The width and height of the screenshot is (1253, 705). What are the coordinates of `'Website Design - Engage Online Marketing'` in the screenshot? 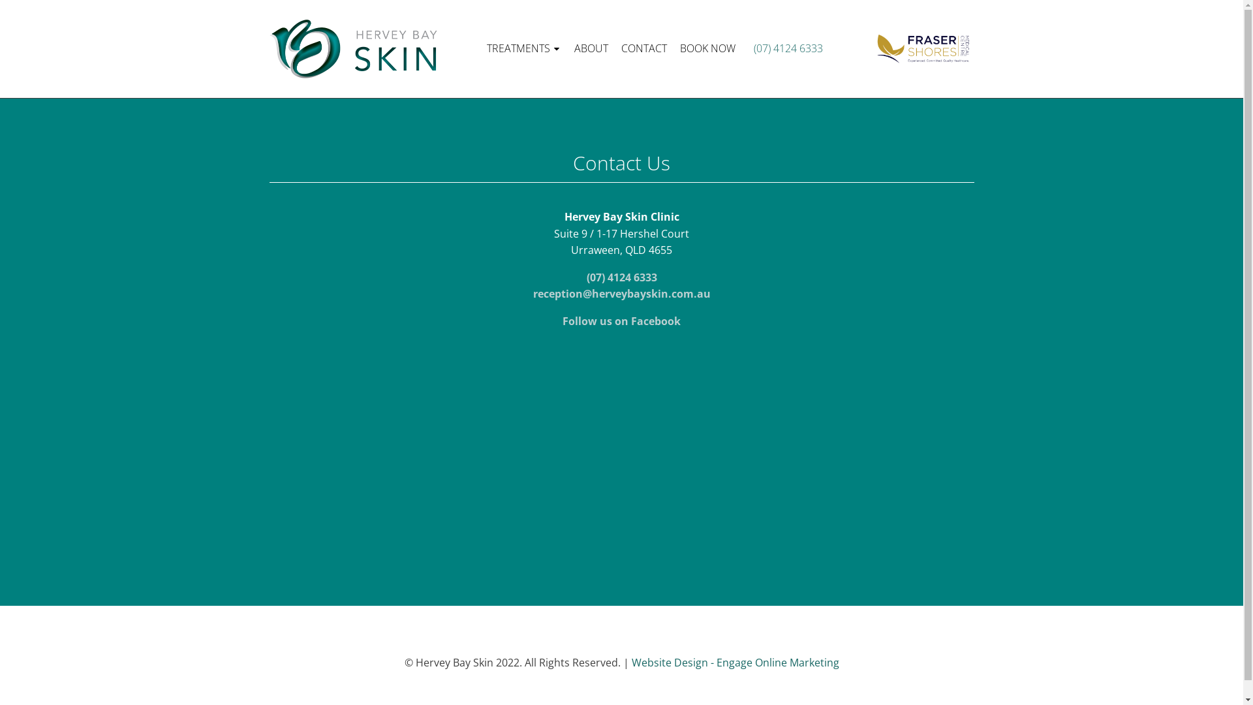 It's located at (735, 662).